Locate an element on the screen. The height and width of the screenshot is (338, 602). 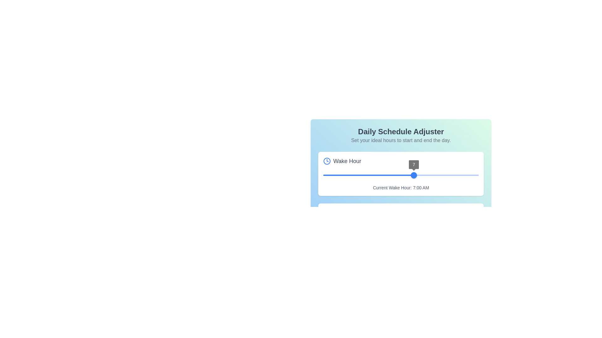
the wake hour is located at coordinates (375, 175).